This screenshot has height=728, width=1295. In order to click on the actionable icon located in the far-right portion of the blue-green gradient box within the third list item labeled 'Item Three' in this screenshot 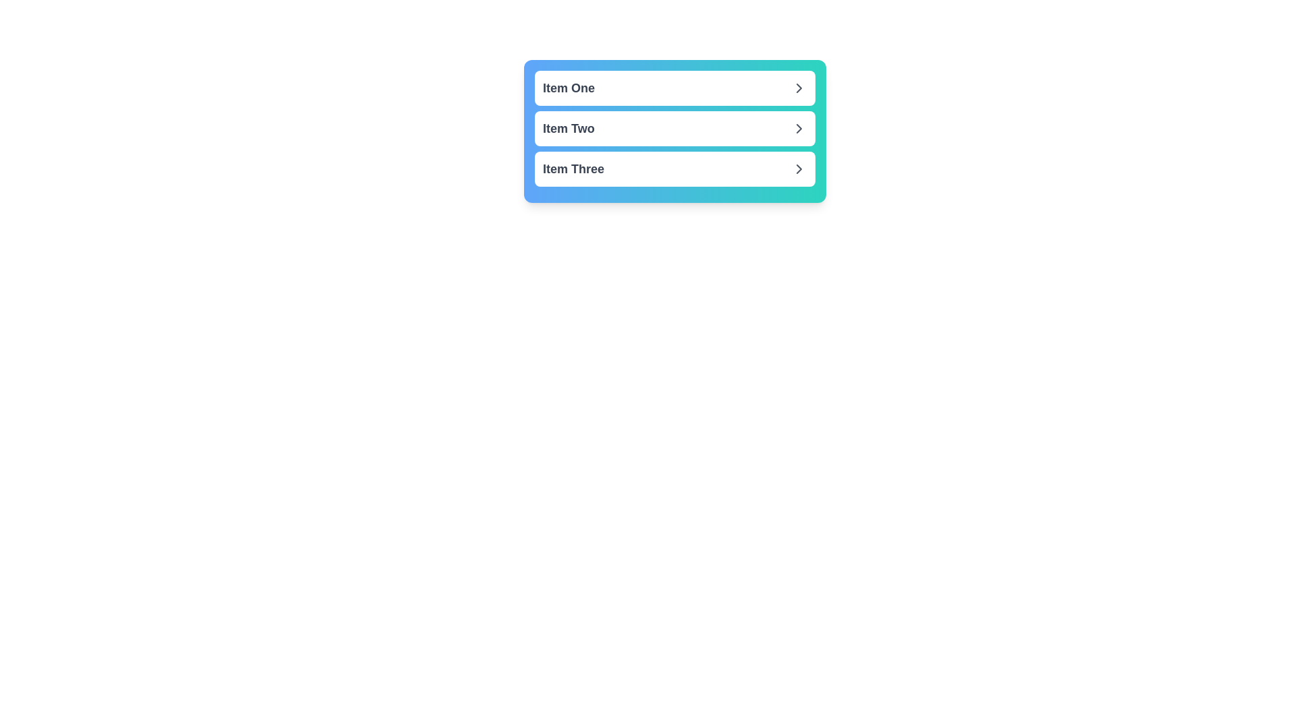, I will do `click(799, 168)`.